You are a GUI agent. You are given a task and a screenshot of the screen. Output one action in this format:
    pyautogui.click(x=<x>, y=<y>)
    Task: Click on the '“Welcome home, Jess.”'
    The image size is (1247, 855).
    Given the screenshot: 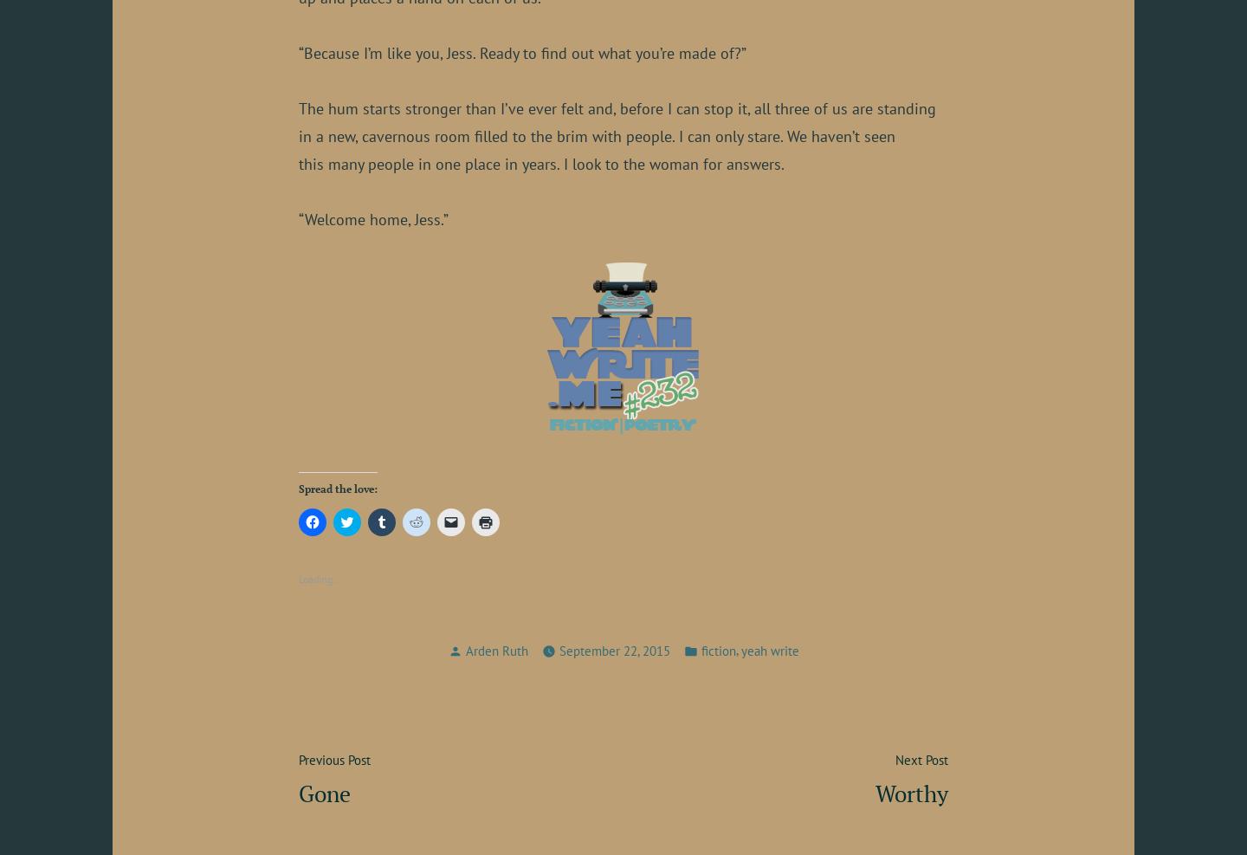 What is the action you would take?
    pyautogui.click(x=373, y=219)
    